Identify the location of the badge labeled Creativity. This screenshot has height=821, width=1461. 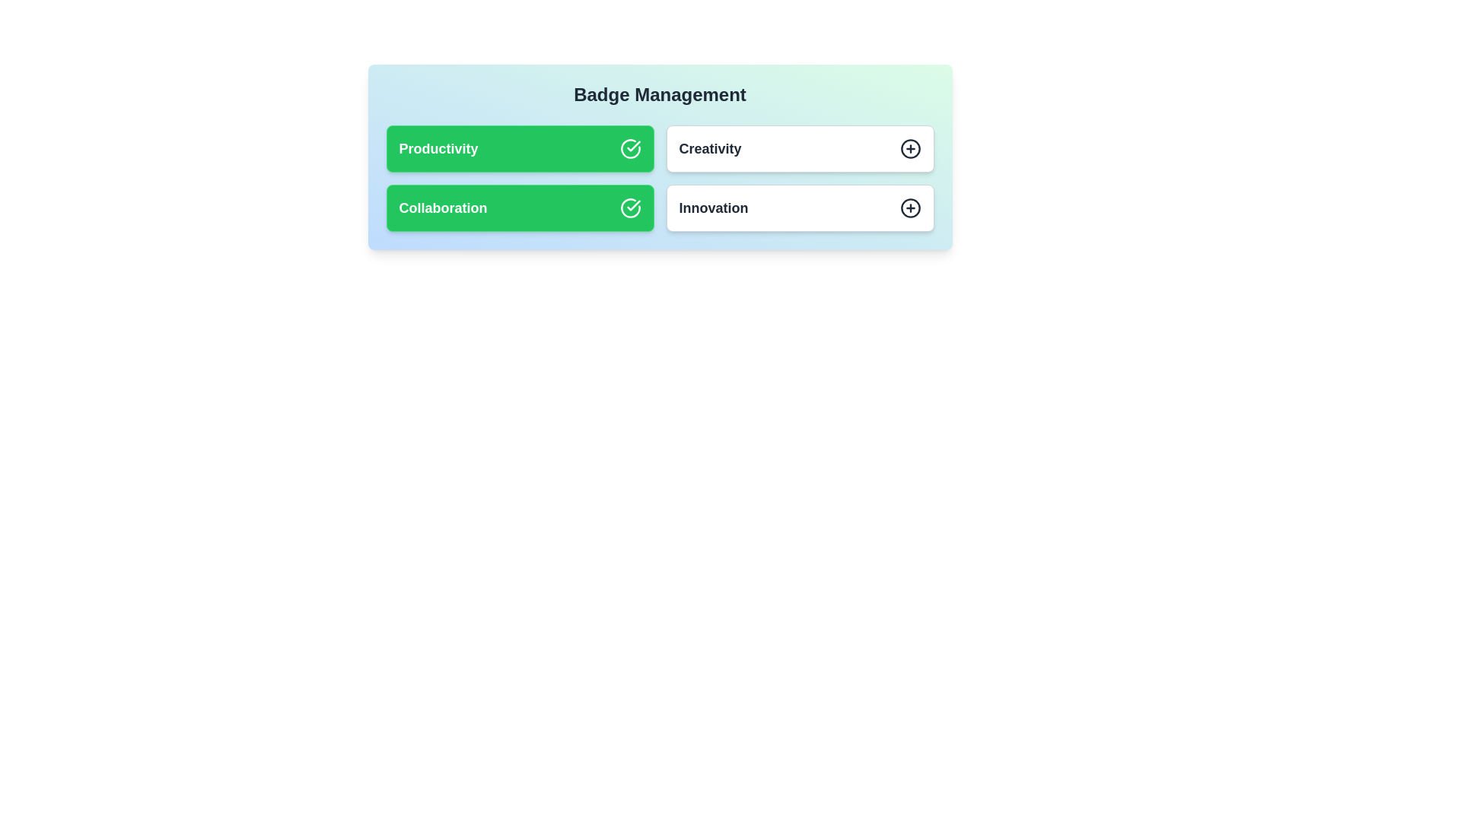
(799, 149).